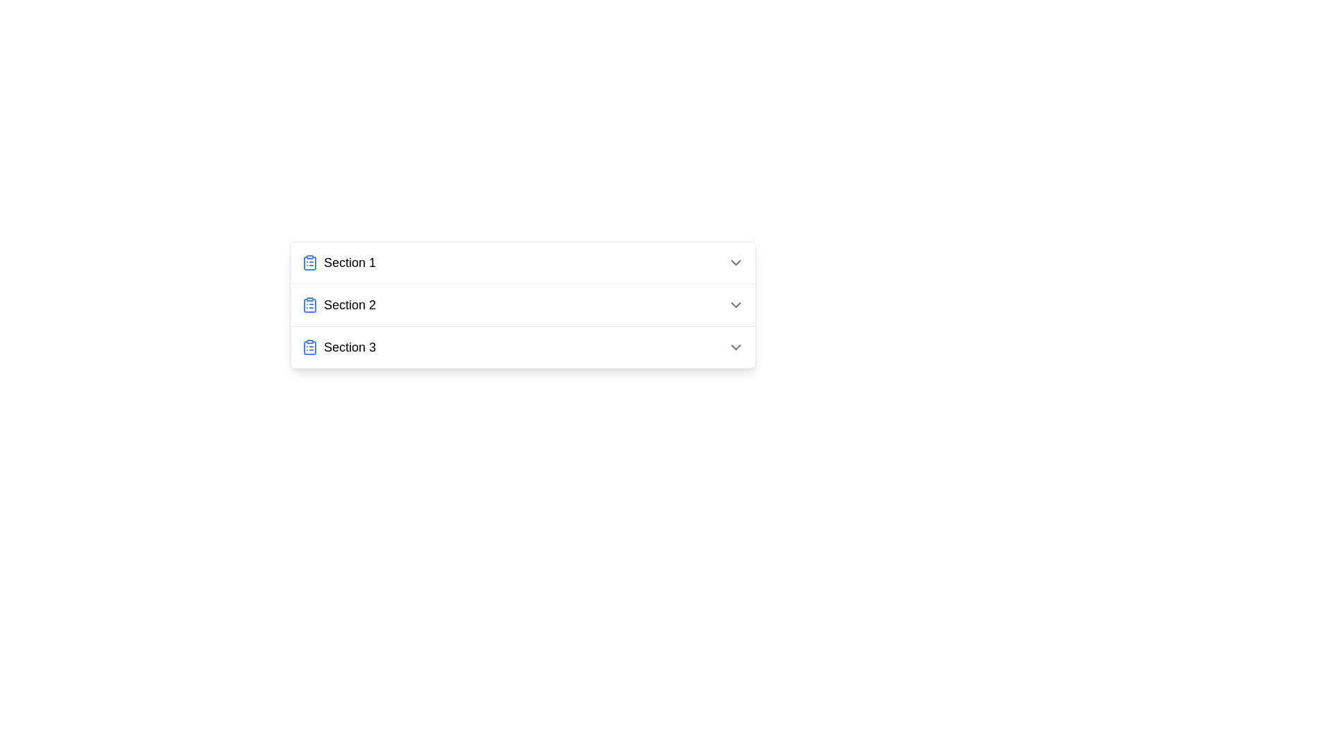  Describe the element at coordinates (350, 347) in the screenshot. I see `the Static Text Label 'Section 3'` at that location.